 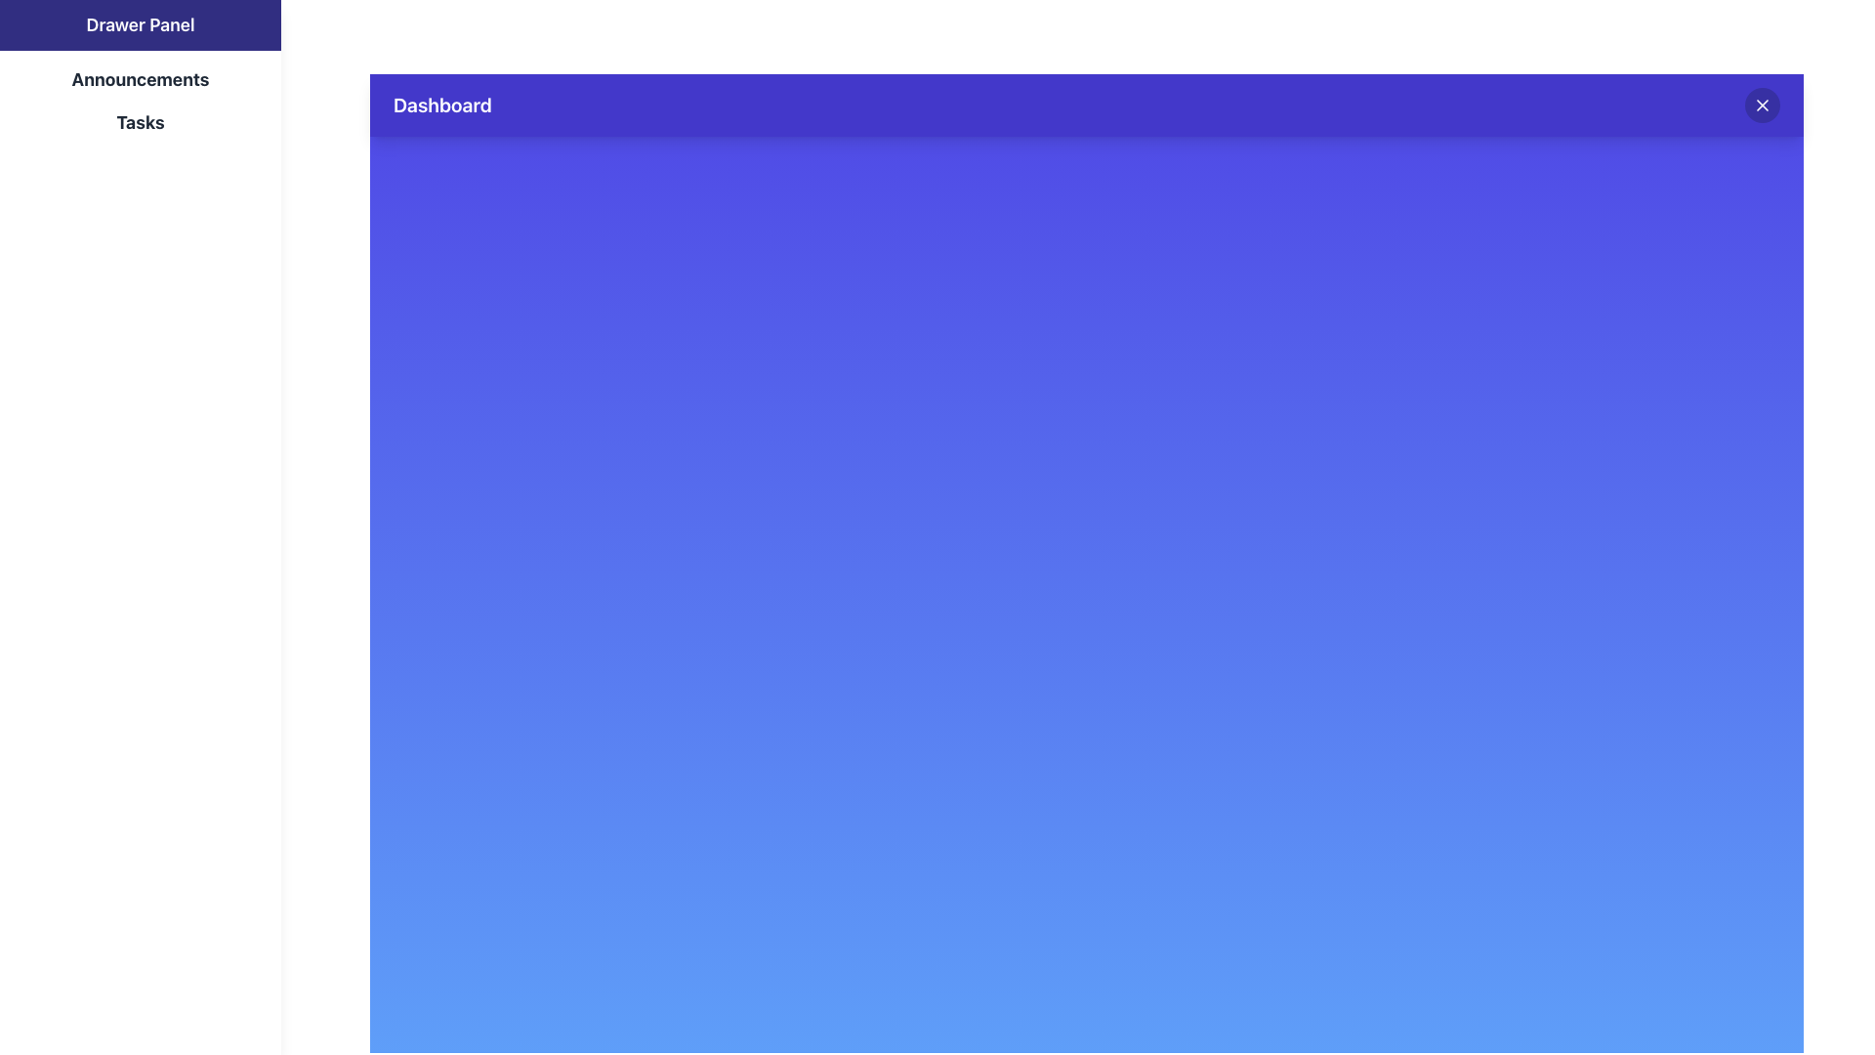 What do you see at coordinates (441, 105) in the screenshot?
I see `the leftmost Text Label in the header section, which indicates the current section or page being viewed` at bounding box center [441, 105].